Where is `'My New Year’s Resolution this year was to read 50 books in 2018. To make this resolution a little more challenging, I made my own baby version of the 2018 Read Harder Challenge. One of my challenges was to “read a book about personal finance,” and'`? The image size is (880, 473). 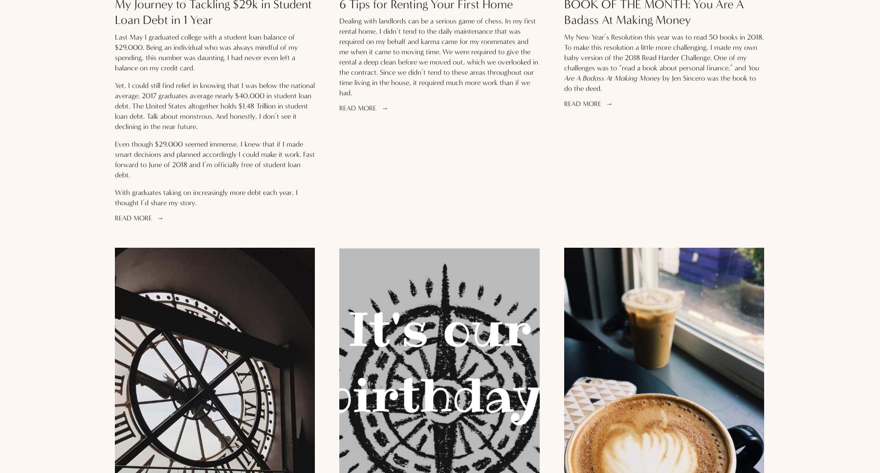
'My New Year’s Resolution this year was to read 50 books in 2018. To make this resolution a little more challenging, I made my own baby version of the 2018 Read Harder Challenge. One of my challenges was to “read a book about personal finance,” and' is located at coordinates (663, 52).